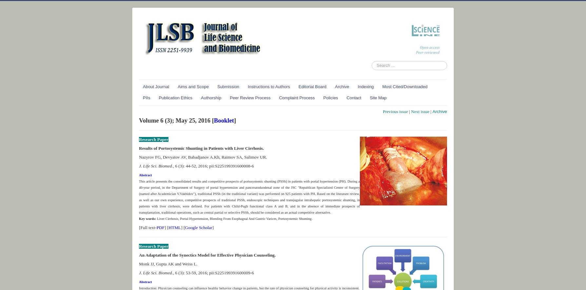 The height and width of the screenshot is (290, 586). Describe the element at coordinates (378, 97) in the screenshot. I see `'Site Map'` at that location.